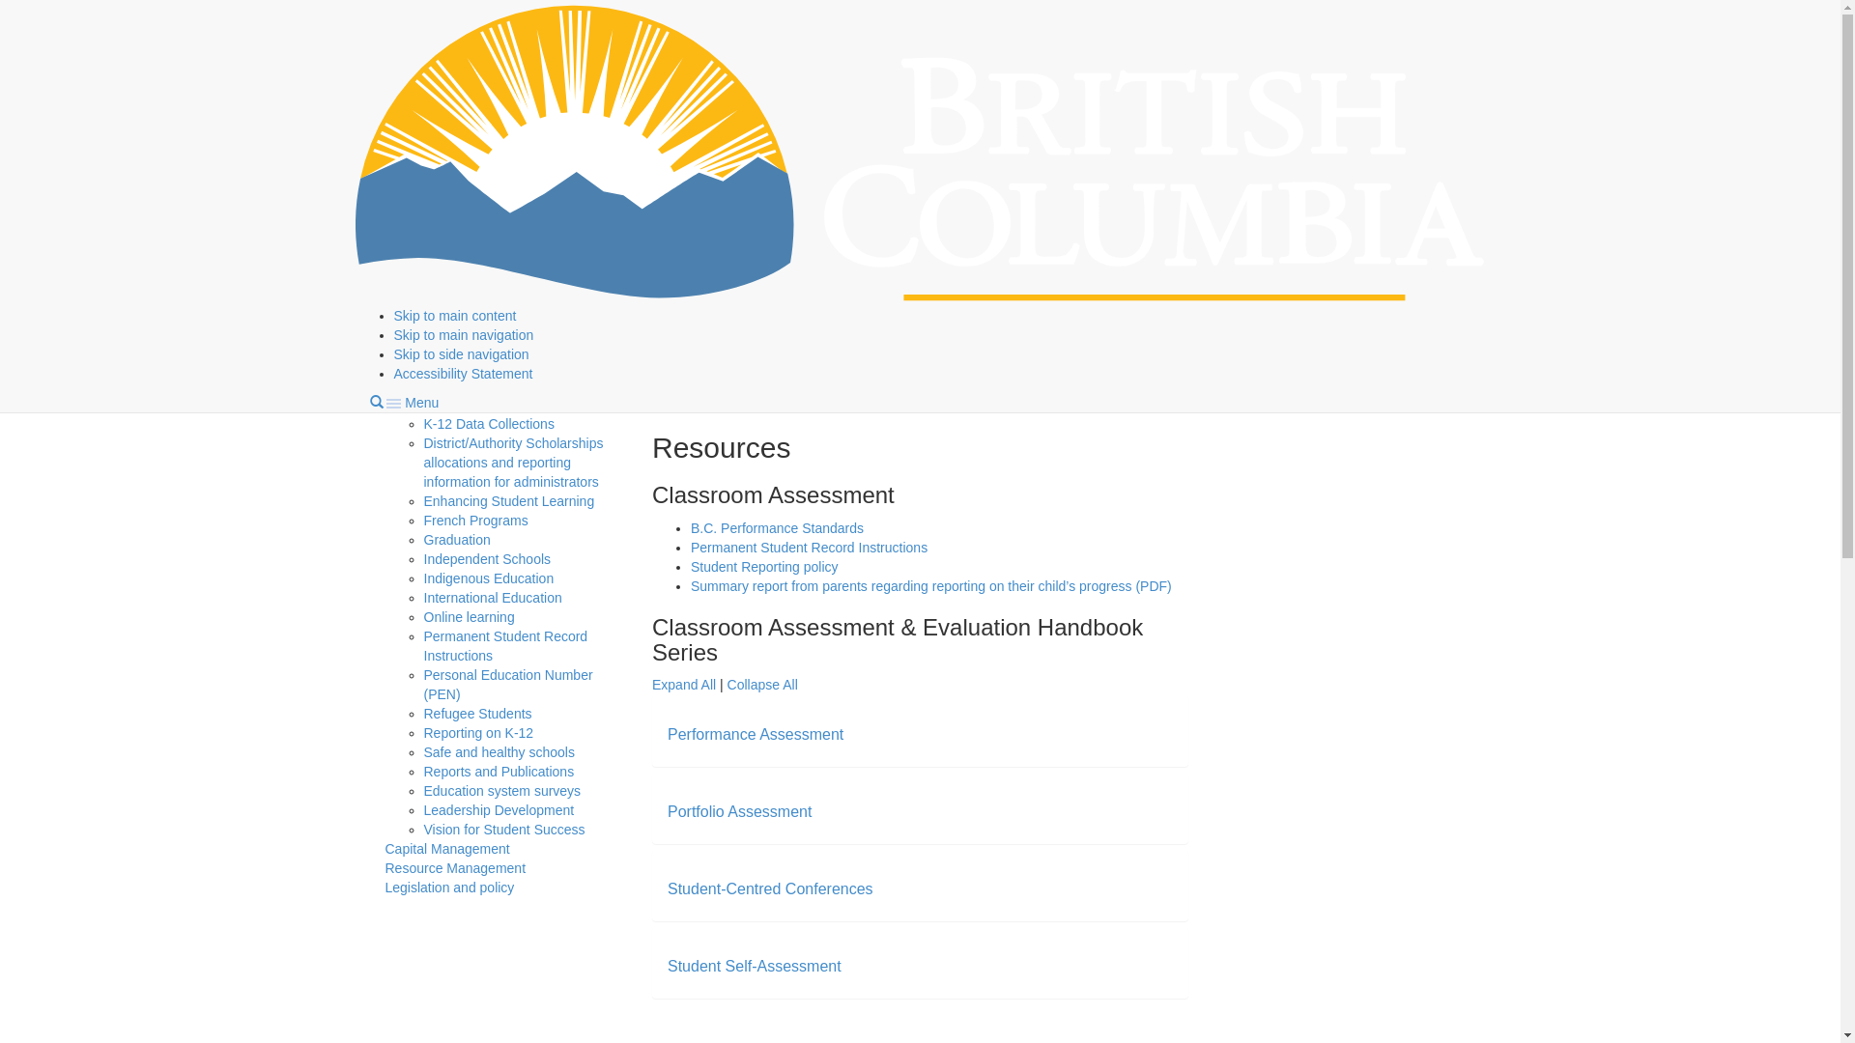 Image resolution: width=1855 pixels, height=1043 pixels. I want to click on 'Student Reporting policy', so click(763, 565).